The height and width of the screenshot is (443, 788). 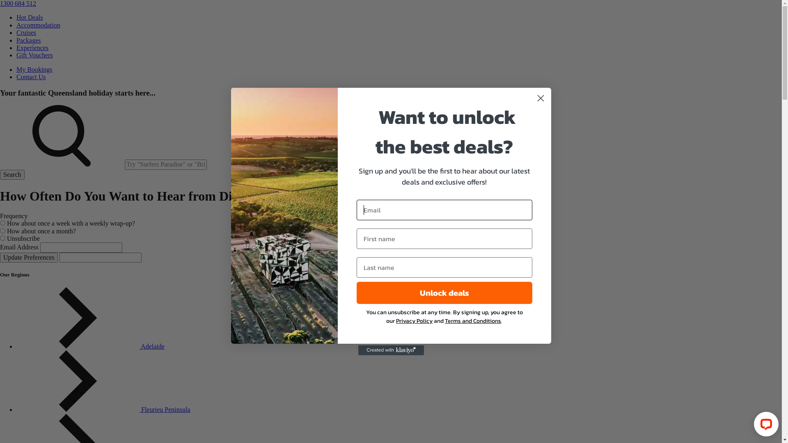 I want to click on 'Hot Deals', so click(x=16, y=17).